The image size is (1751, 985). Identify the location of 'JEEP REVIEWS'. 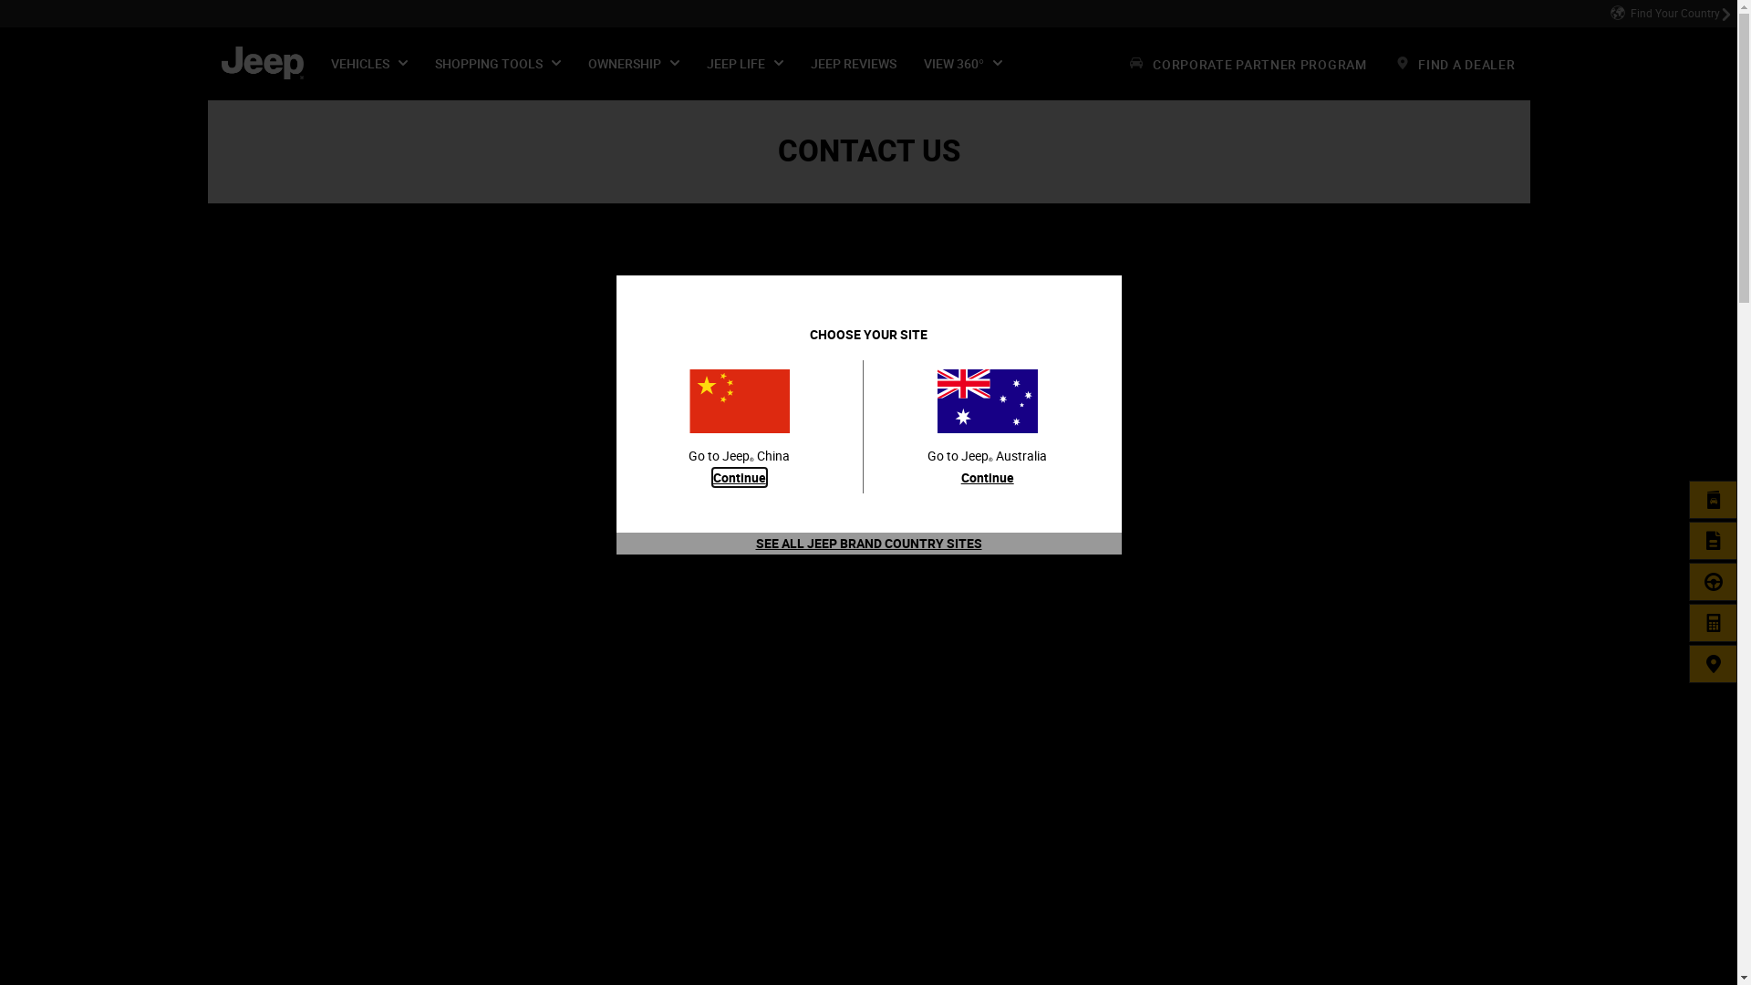
(796, 62).